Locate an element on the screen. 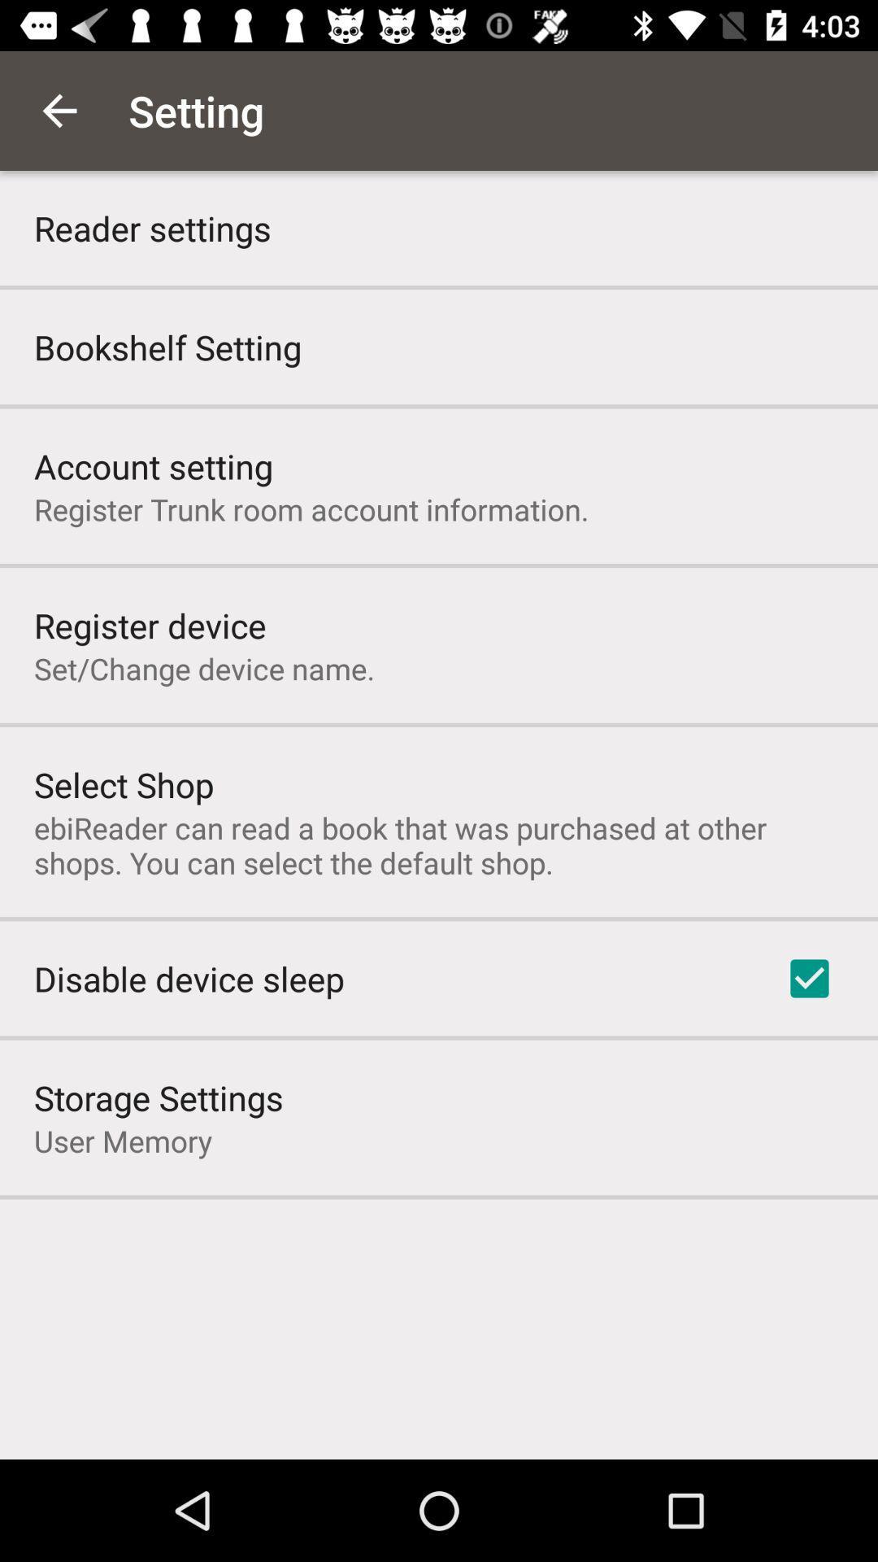 Image resolution: width=878 pixels, height=1562 pixels. the icon above register device is located at coordinates (311, 508).